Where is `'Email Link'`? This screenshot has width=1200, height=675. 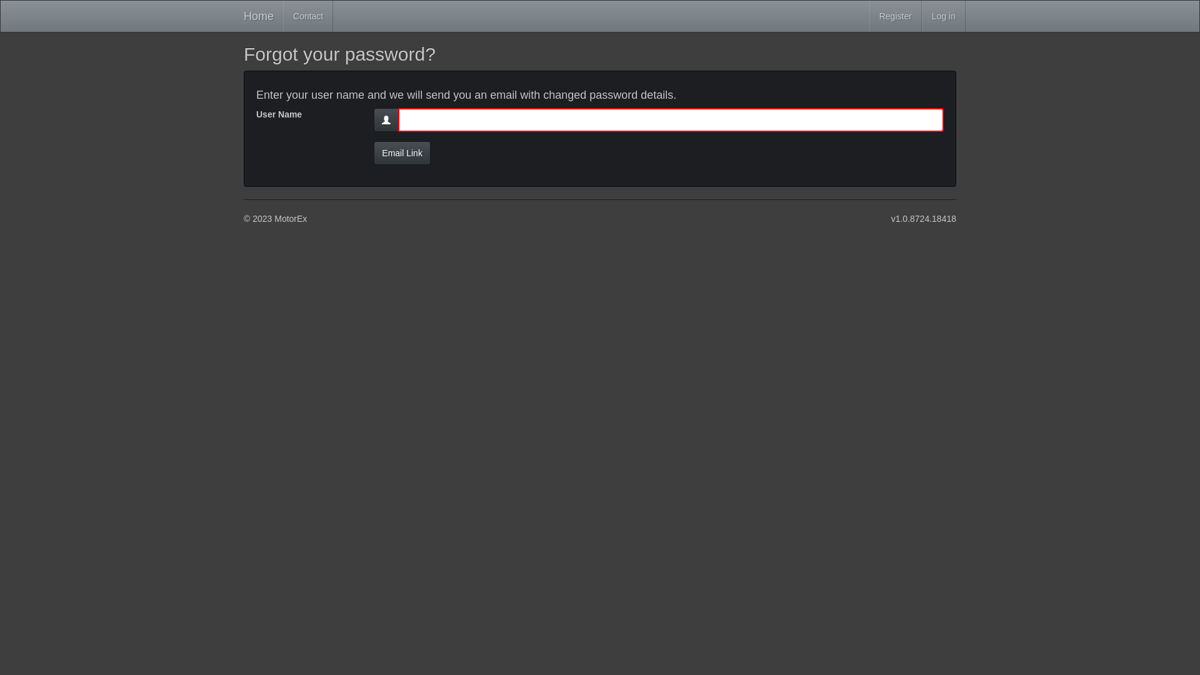
'Email Link' is located at coordinates (402, 152).